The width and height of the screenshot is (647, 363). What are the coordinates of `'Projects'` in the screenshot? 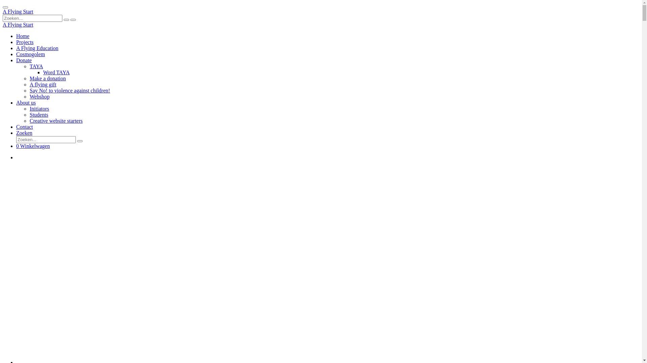 It's located at (16, 42).